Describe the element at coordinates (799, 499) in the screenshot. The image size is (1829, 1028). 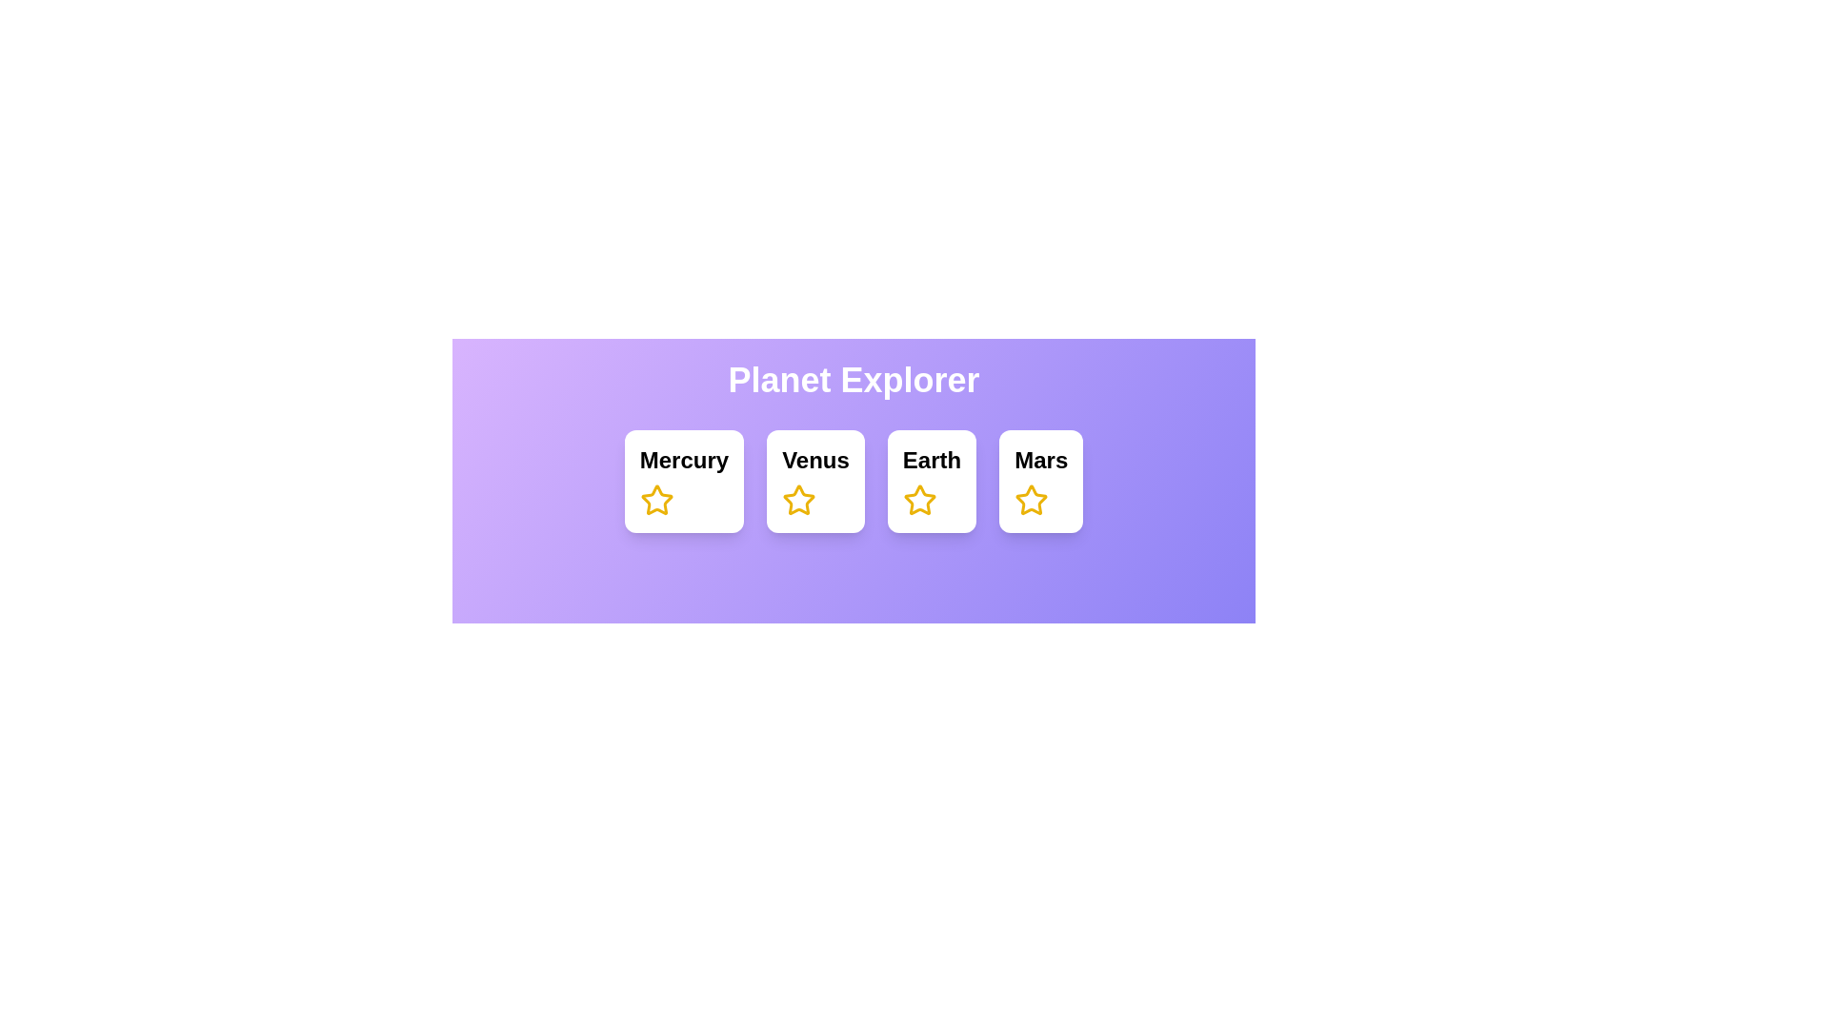
I see `the star icon representing the rating option for the planet 'Venus'` at that location.